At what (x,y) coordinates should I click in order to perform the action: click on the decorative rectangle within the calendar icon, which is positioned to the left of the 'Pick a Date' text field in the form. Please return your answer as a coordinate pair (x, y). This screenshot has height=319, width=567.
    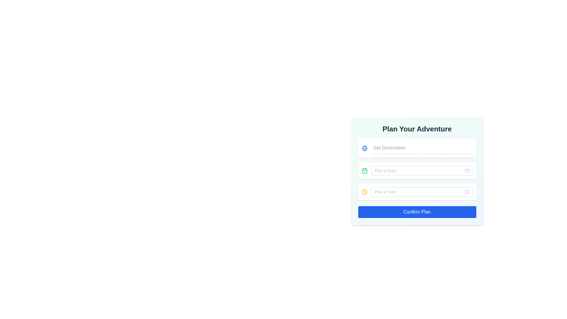
    Looking at the image, I should click on (364, 171).